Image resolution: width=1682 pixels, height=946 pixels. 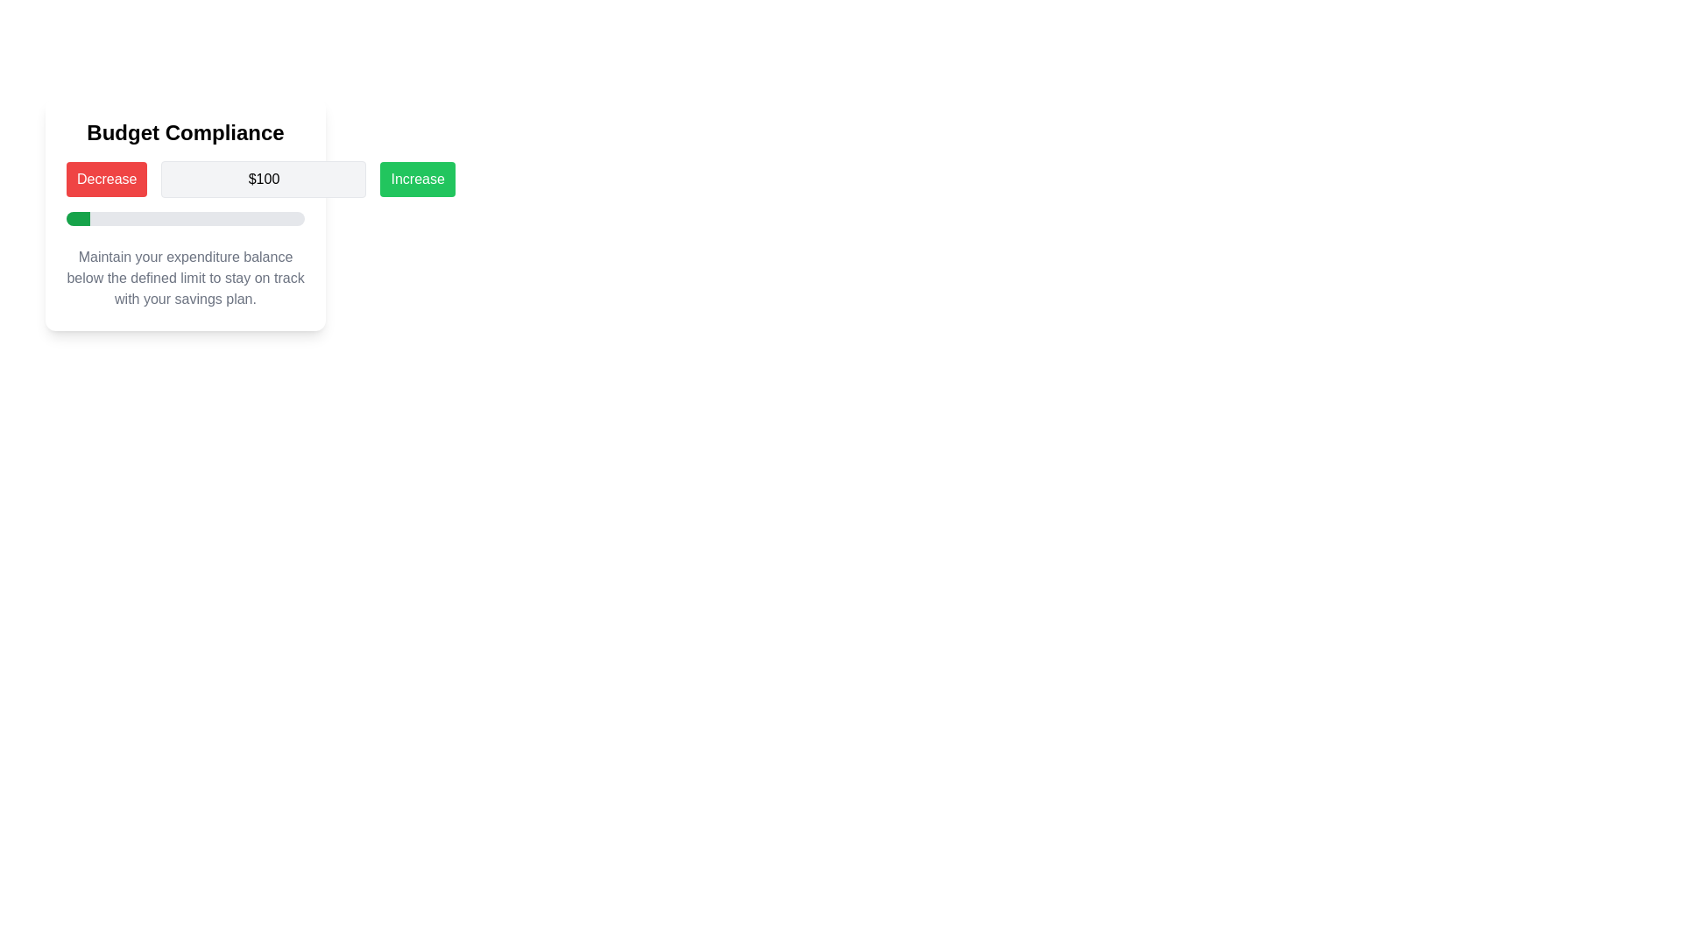 What do you see at coordinates (185, 131) in the screenshot?
I see `the text label that serves as a title for the budget compliance card, located at the top center of the card layout` at bounding box center [185, 131].